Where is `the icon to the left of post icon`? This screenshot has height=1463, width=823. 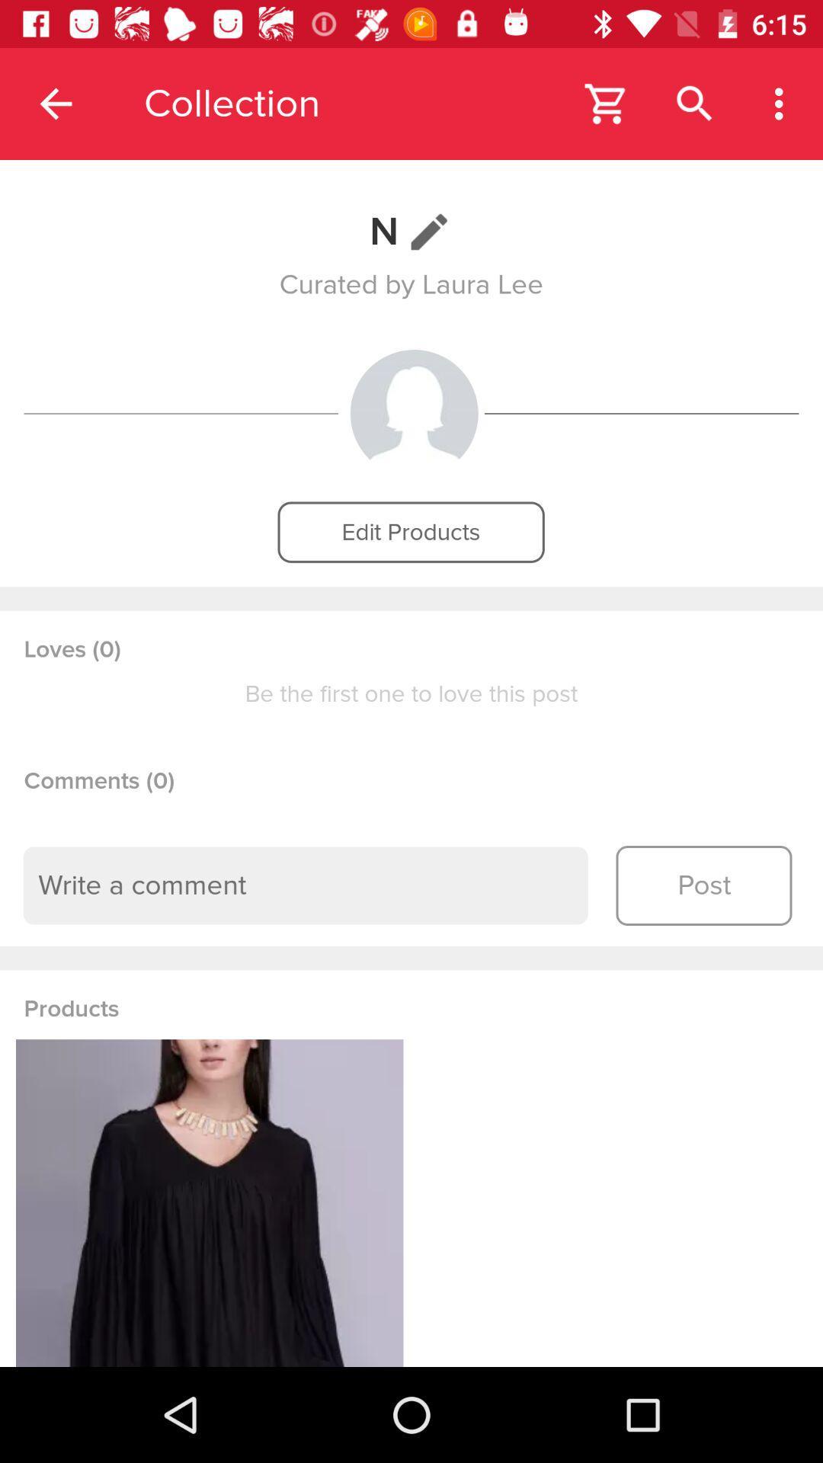
the icon to the left of post icon is located at coordinates (306, 885).